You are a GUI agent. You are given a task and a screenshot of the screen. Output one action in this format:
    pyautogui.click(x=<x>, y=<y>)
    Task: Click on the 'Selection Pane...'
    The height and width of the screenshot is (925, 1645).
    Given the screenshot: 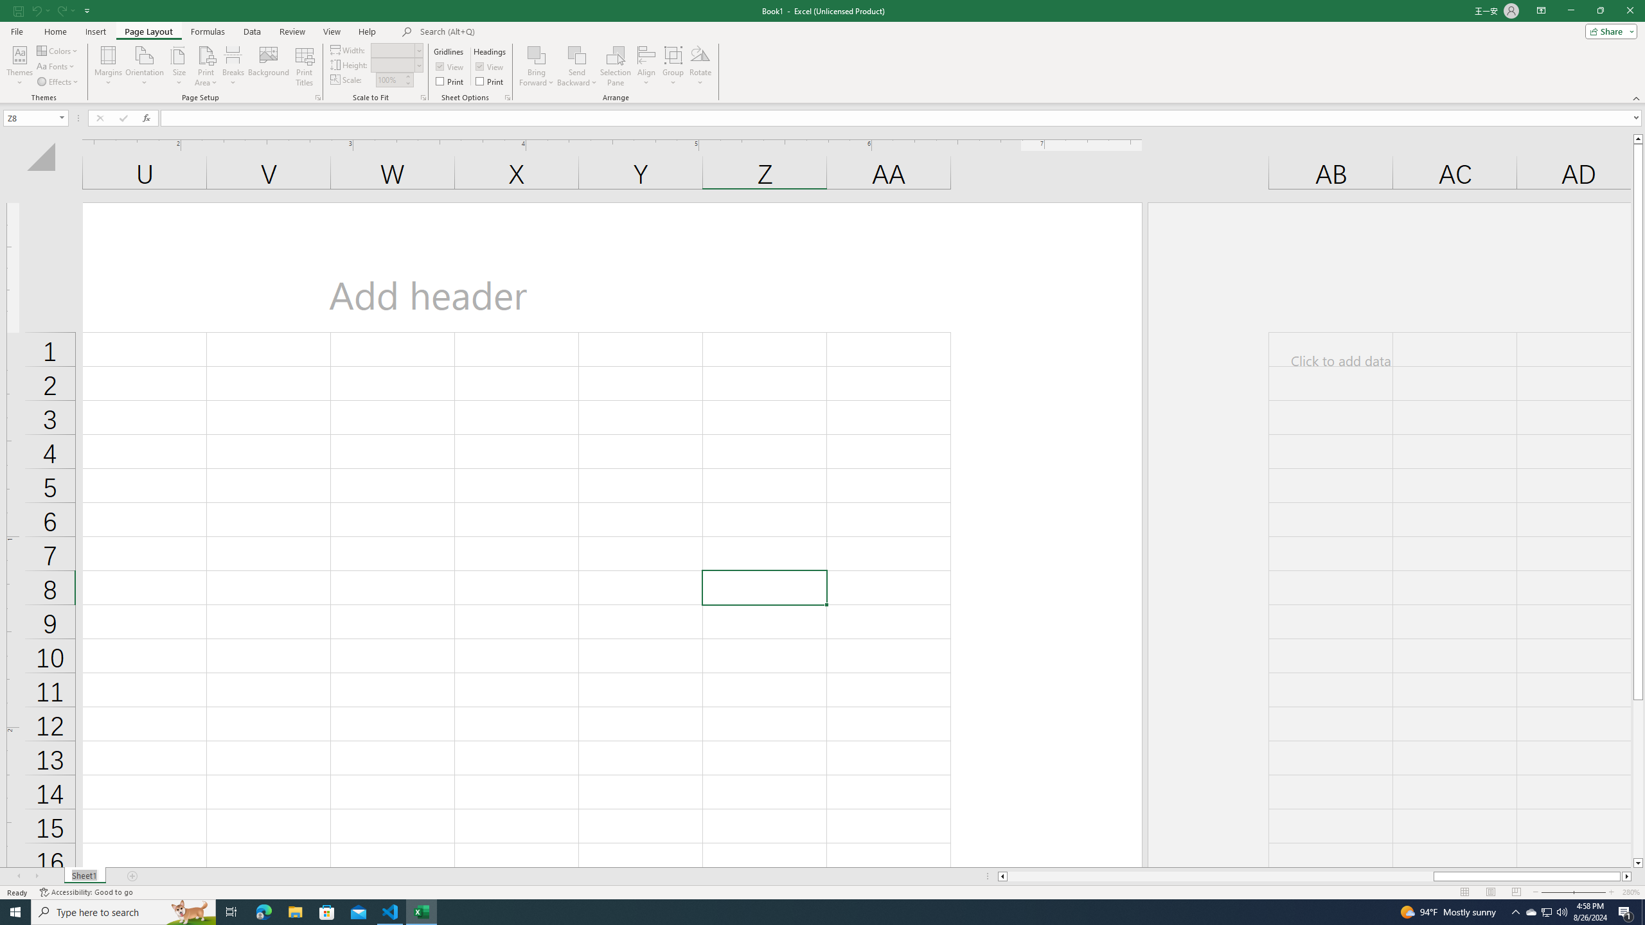 What is the action you would take?
    pyautogui.click(x=615, y=66)
    